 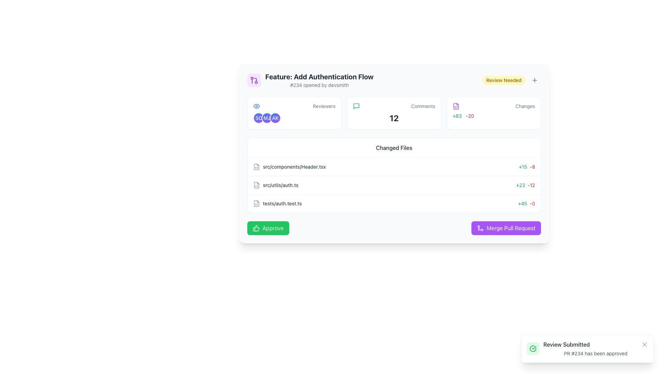 What do you see at coordinates (289, 167) in the screenshot?
I see `the first list item representing a modified file` at bounding box center [289, 167].